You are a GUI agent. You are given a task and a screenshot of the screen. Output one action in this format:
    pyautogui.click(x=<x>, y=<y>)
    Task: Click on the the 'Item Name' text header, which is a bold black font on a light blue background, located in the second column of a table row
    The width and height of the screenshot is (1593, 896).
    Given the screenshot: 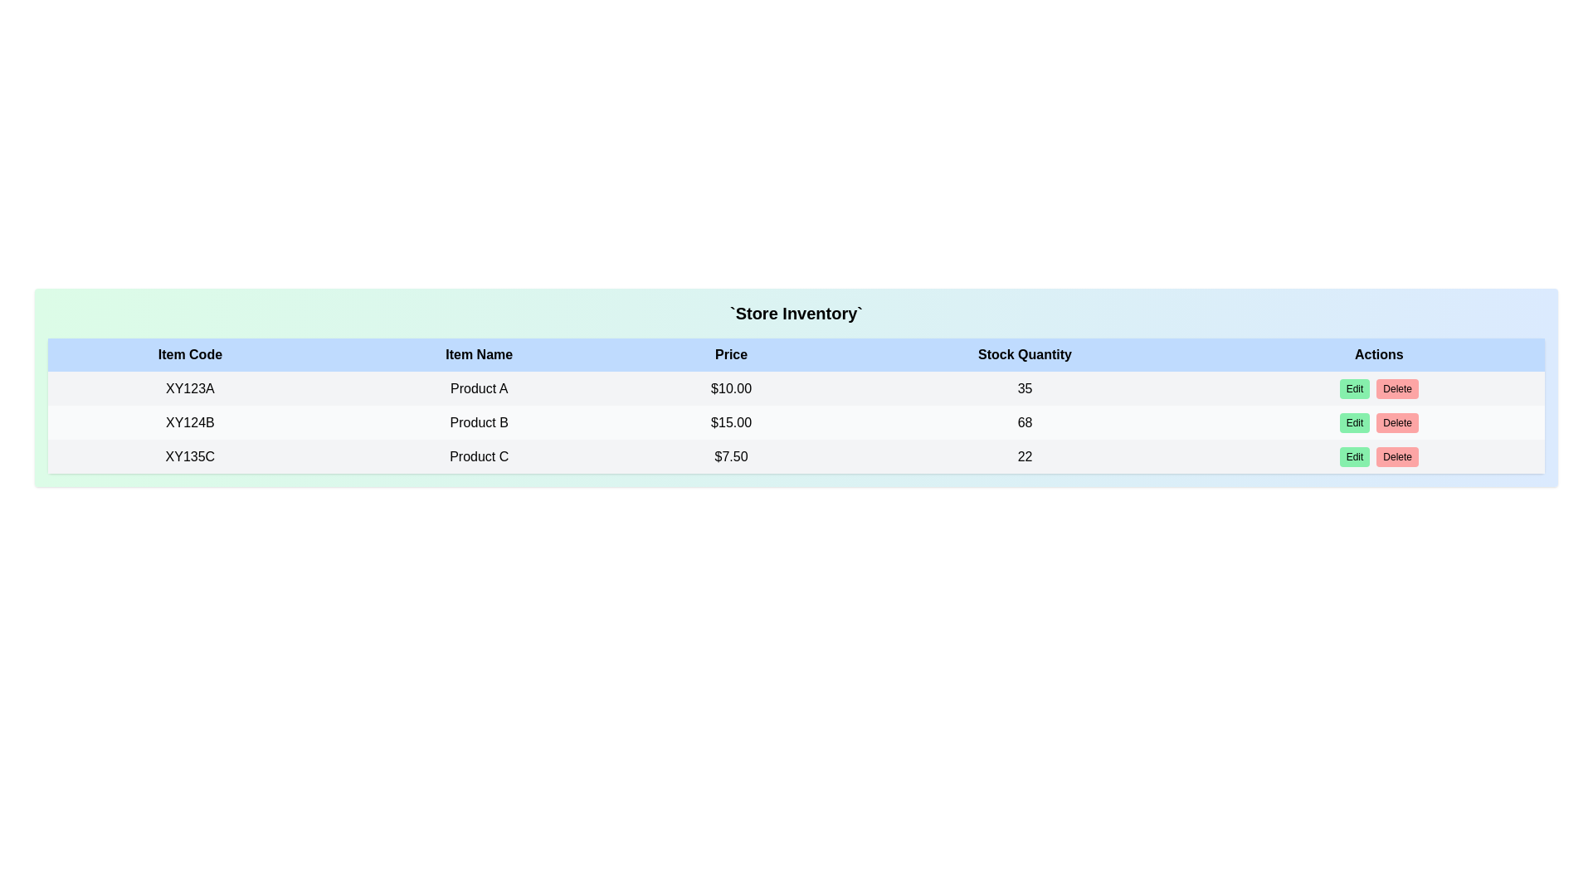 What is the action you would take?
    pyautogui.click(x=478, y=354)
    